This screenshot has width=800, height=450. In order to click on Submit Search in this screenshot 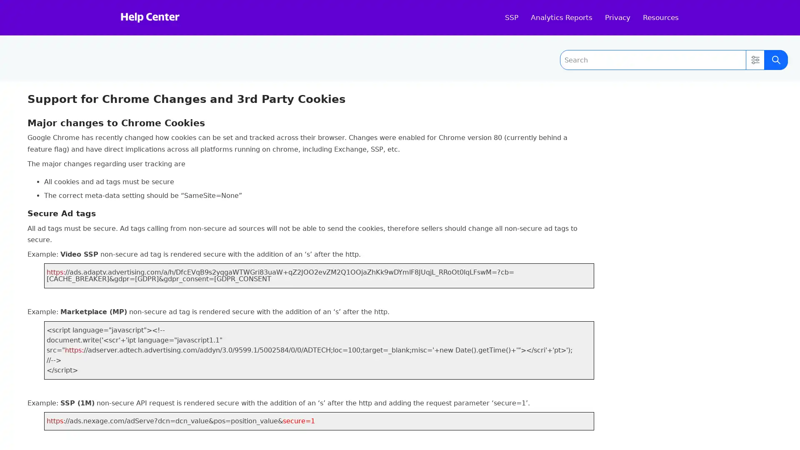, I will do `click(775, 59)`.